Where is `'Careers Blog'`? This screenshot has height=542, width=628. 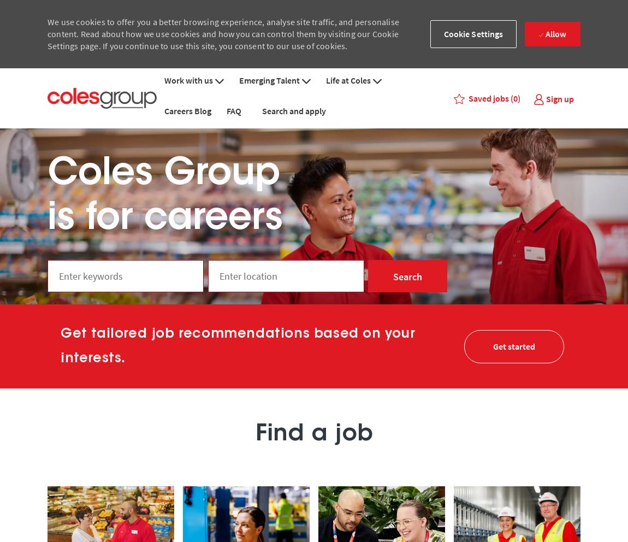 'Careers Blog' is located at coordinates (187, 110).